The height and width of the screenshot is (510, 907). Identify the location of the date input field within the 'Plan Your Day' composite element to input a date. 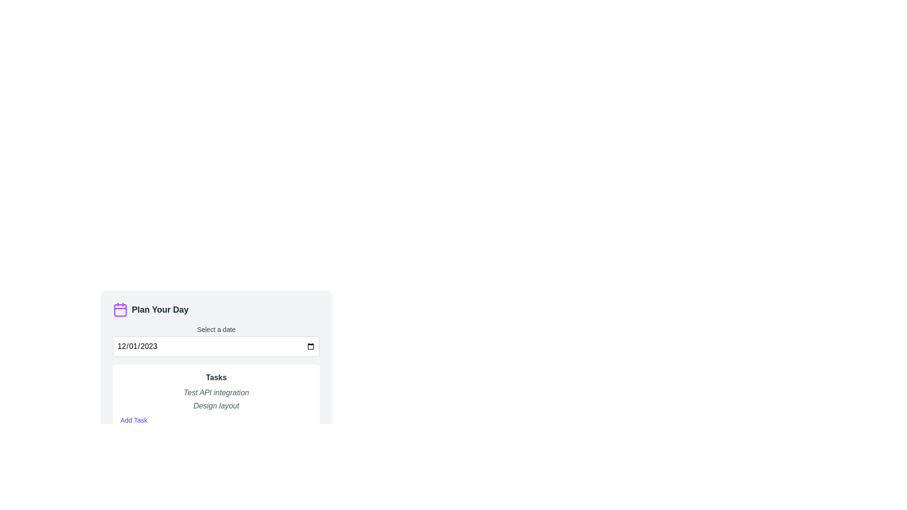
(215, 340).